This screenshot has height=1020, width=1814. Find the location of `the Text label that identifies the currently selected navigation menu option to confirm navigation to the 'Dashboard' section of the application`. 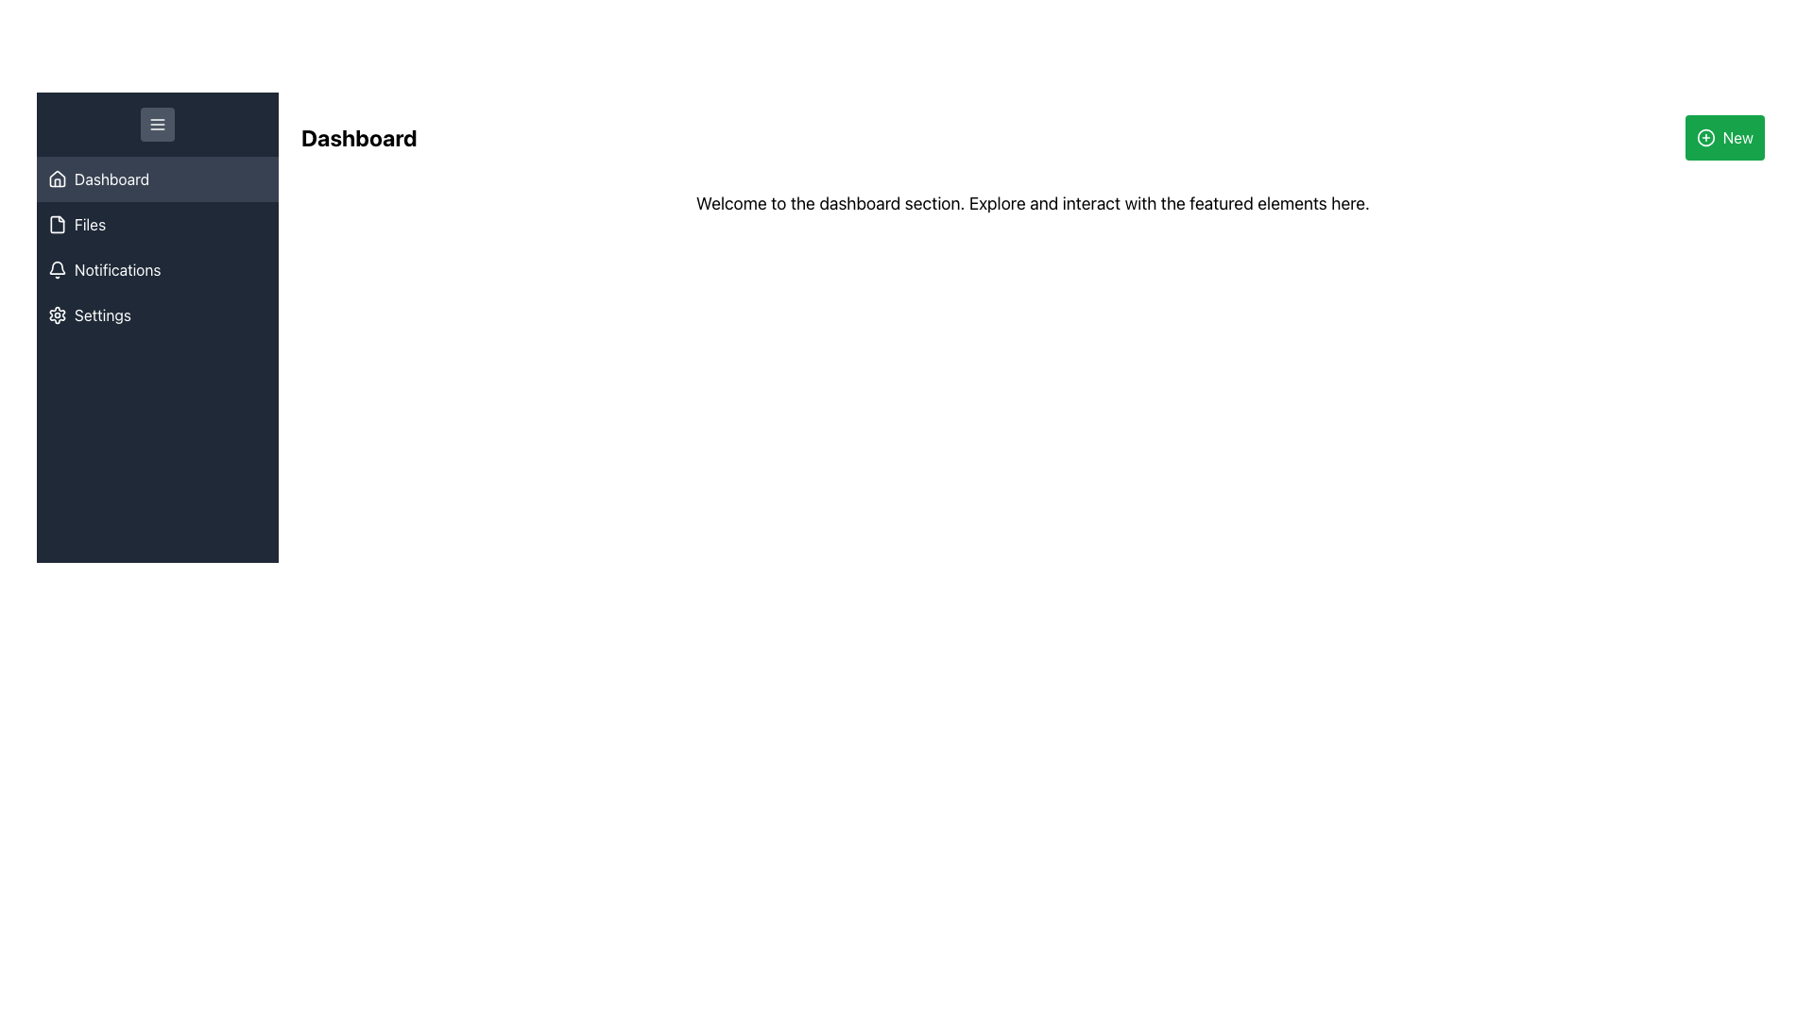

the Text label that identifies the currently selected navigation menu option to confirm navigation to the 'Dashboard' section of the application is located at coordinates (111, 178).